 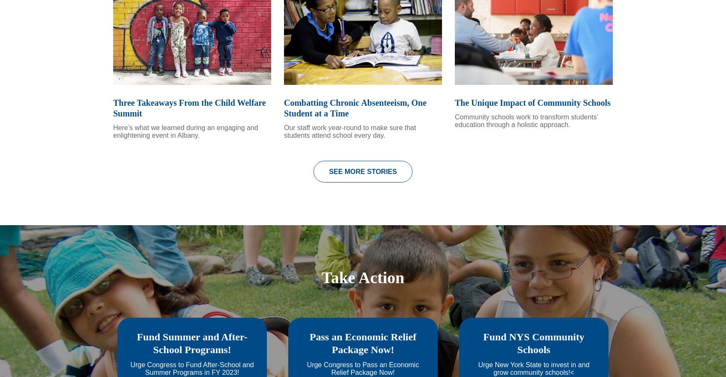 I want to click on 'Combatting Chronic Absenteeism, One Student at a Time', so click(x=354, y=119).